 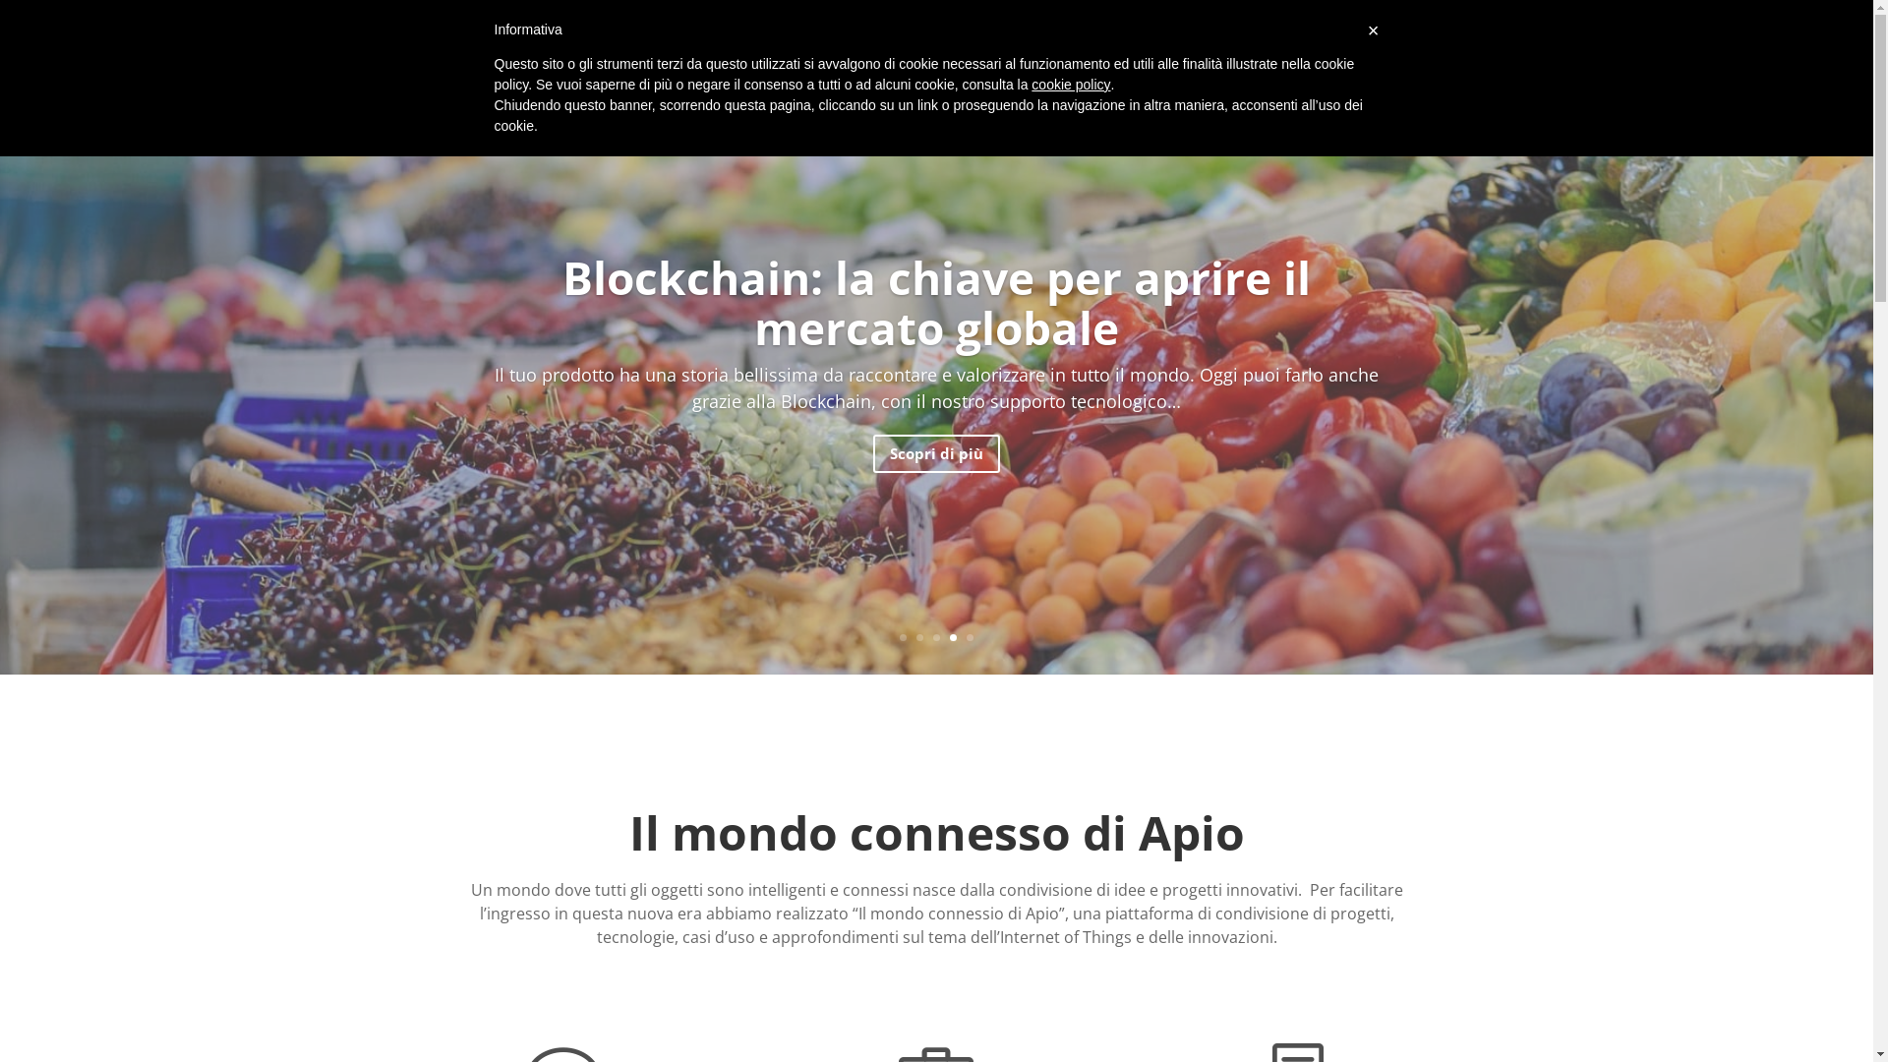 What do you see at coordinates (1070, 83) in the screenshot?
I see `'cookie policy'` at bounding box center [1070, 83].